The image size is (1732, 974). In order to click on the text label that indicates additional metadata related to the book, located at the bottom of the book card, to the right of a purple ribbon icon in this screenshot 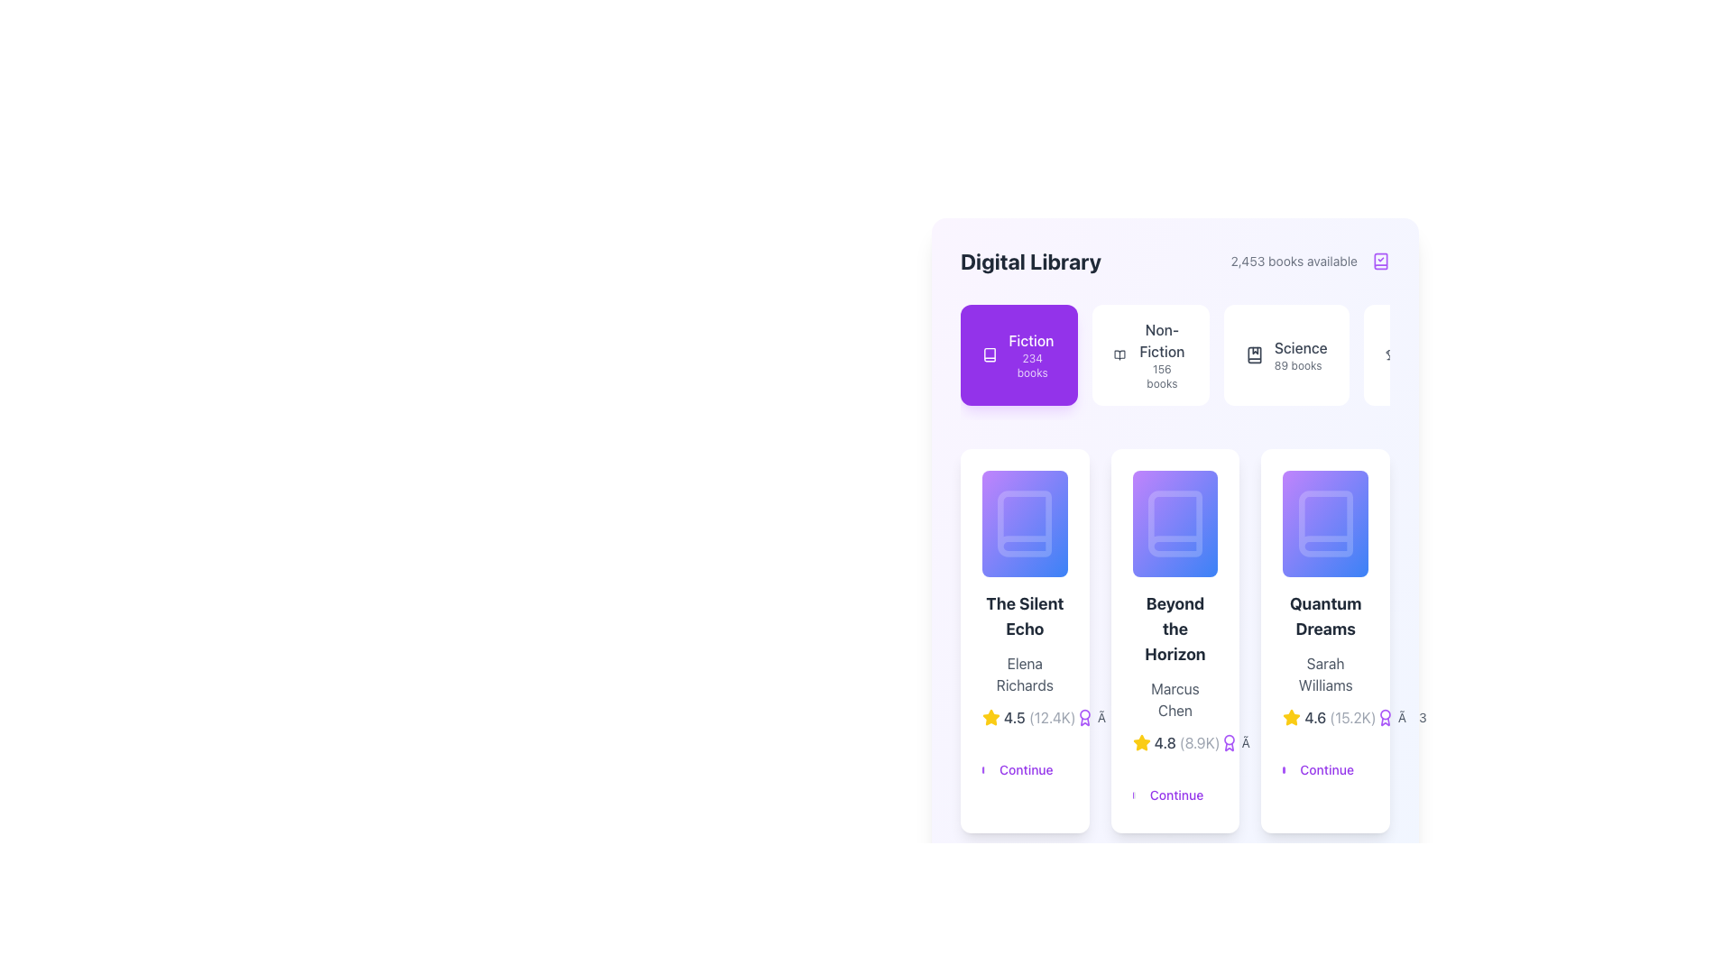, I will do `click(1100, 717)`.